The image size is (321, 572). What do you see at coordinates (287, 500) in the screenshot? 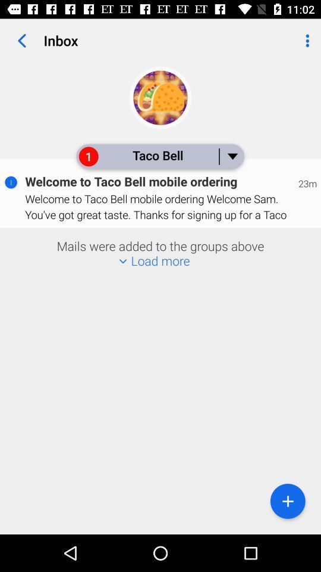
I see `item below welcome to taco icon` at bounding box center [287, 500].